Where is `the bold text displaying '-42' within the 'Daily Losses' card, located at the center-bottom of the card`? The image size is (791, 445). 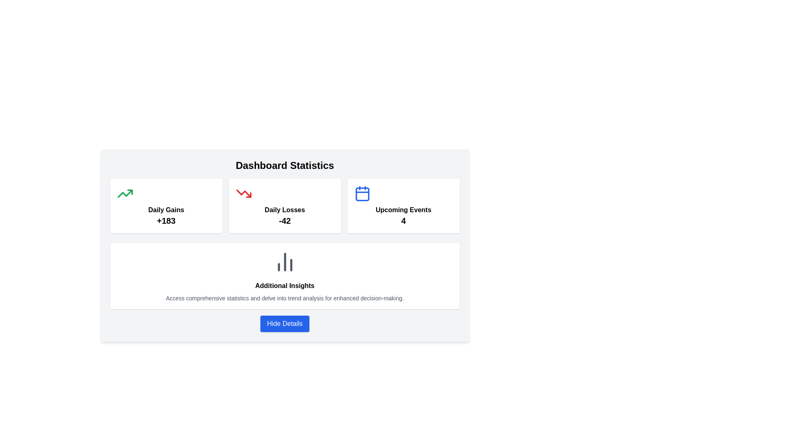 the bold text displaying '-42' within the 'Daily Losses' card, located at the center-bottom of the card is located at coordinates (285, 220).